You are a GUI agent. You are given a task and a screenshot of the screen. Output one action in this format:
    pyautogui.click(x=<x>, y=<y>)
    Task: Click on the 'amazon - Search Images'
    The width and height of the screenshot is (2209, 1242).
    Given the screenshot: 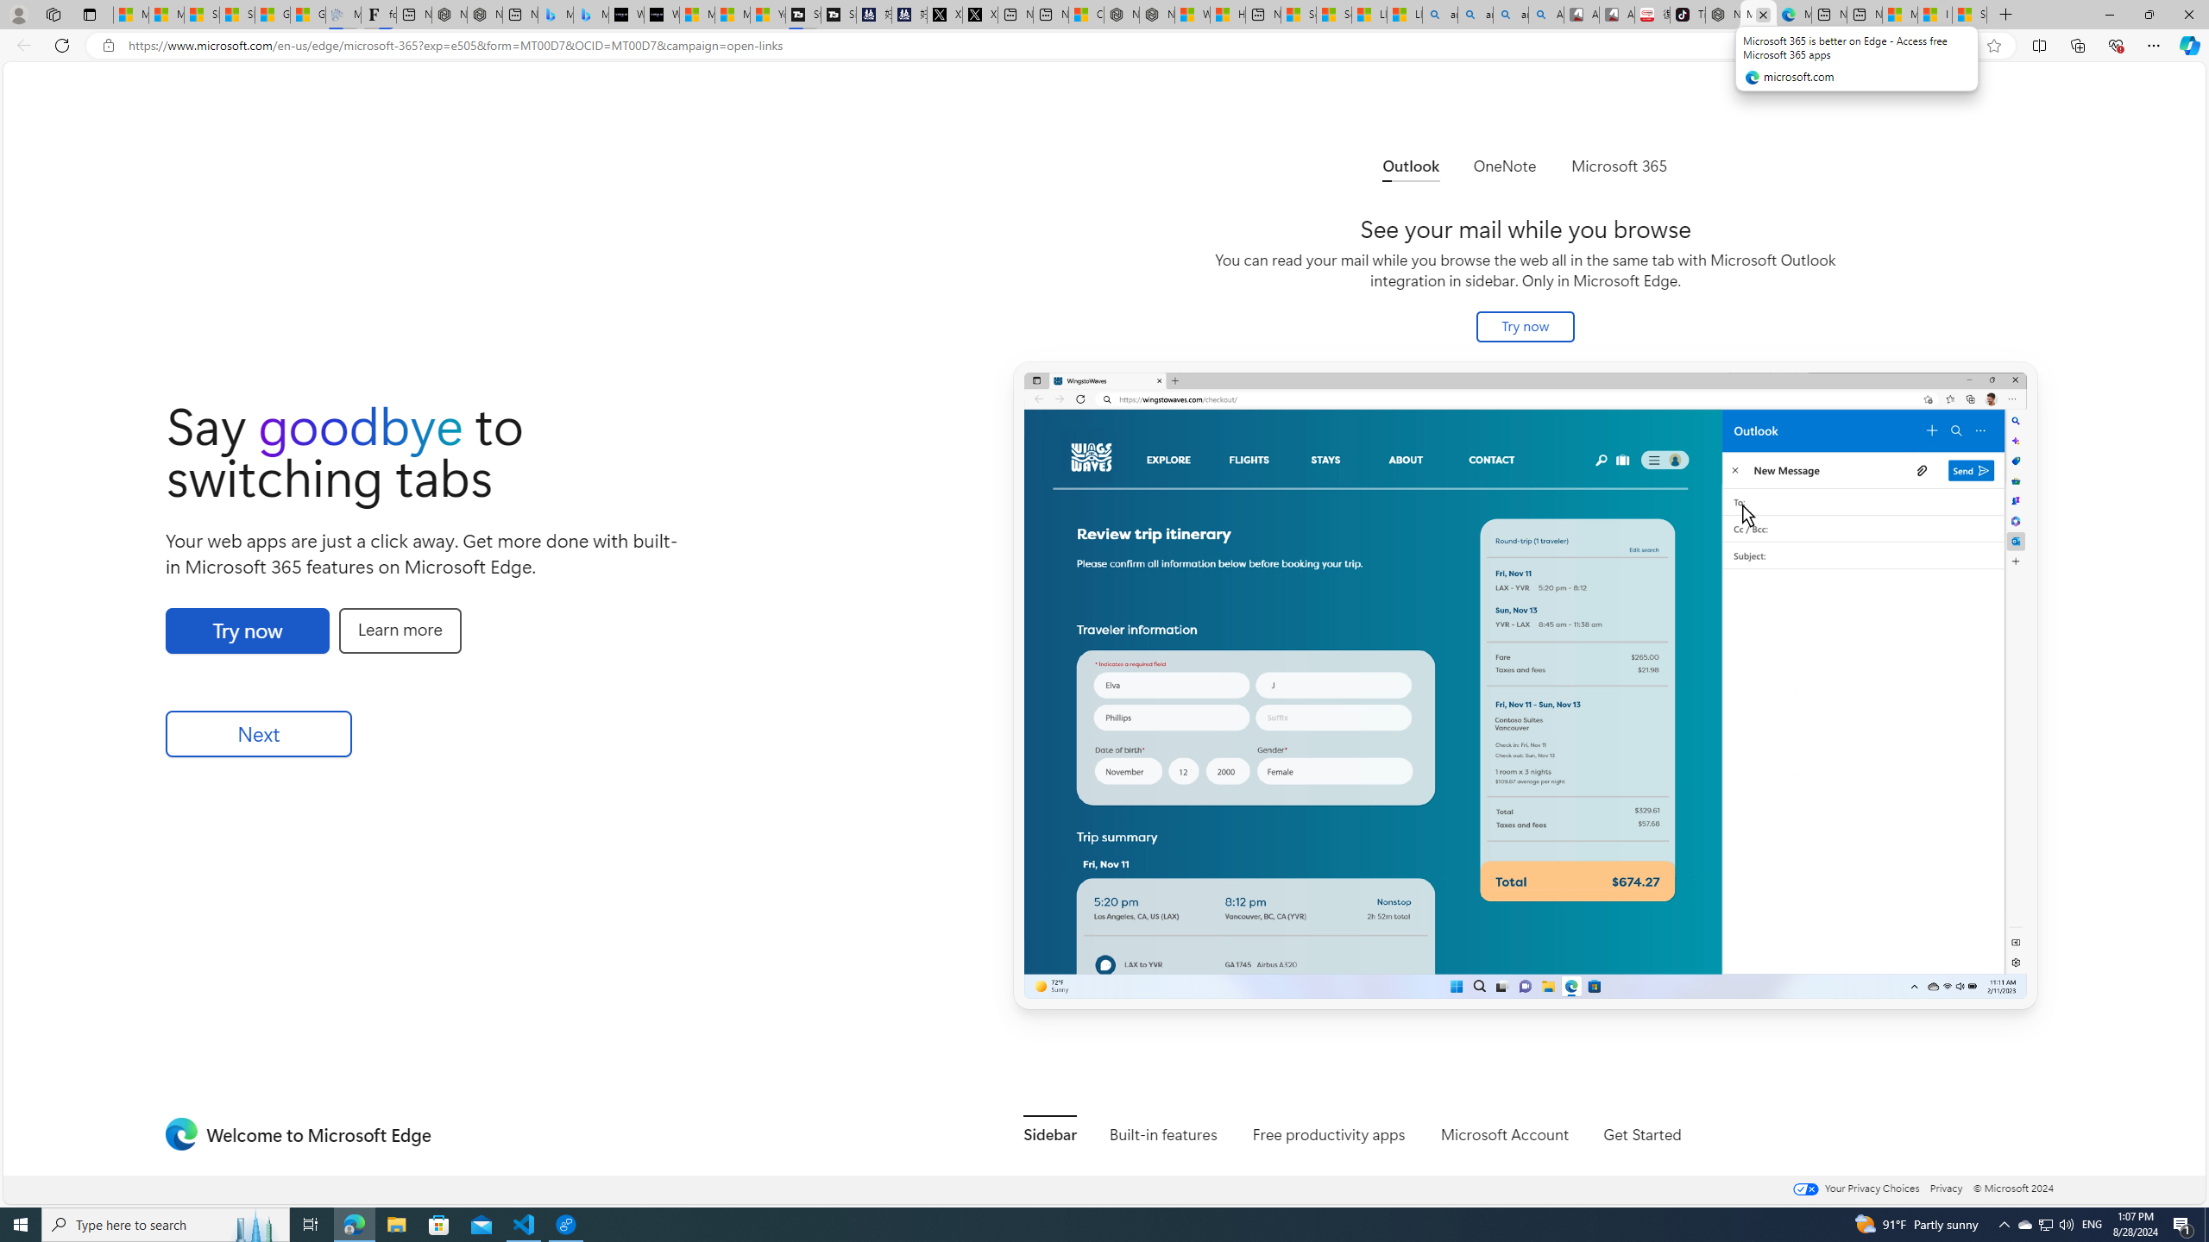 What is the action you would take?
    pyautogui.click(x=1510, y=14)
    